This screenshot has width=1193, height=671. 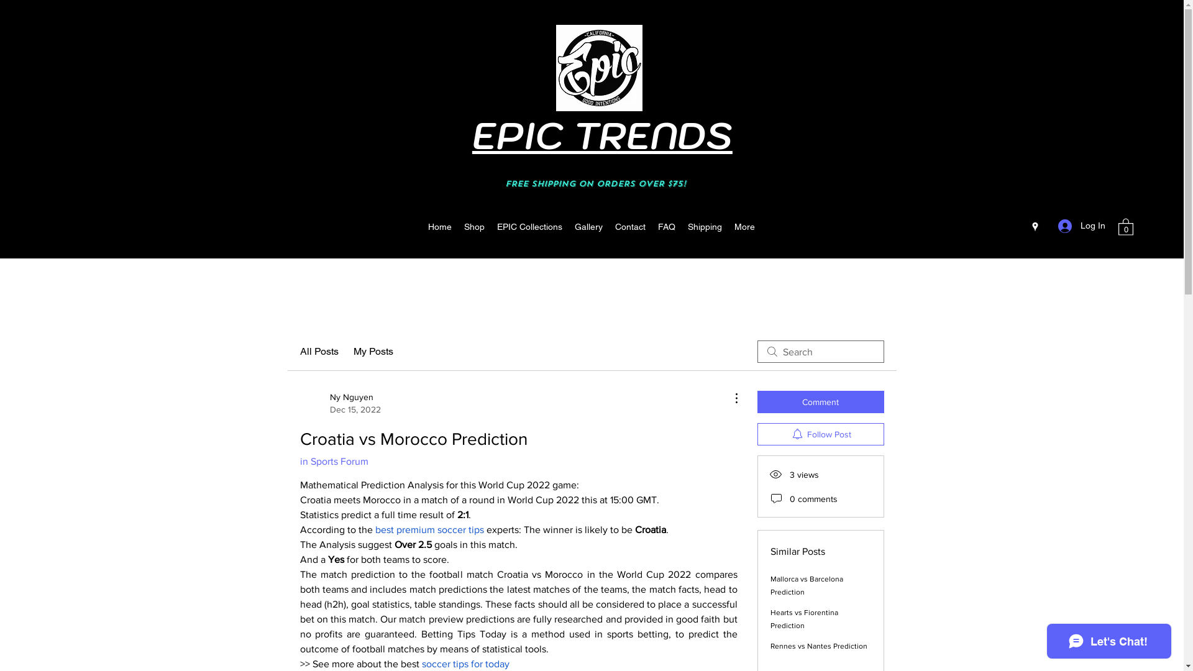 I want to click on 'Comment', so click(x=820, y=402).